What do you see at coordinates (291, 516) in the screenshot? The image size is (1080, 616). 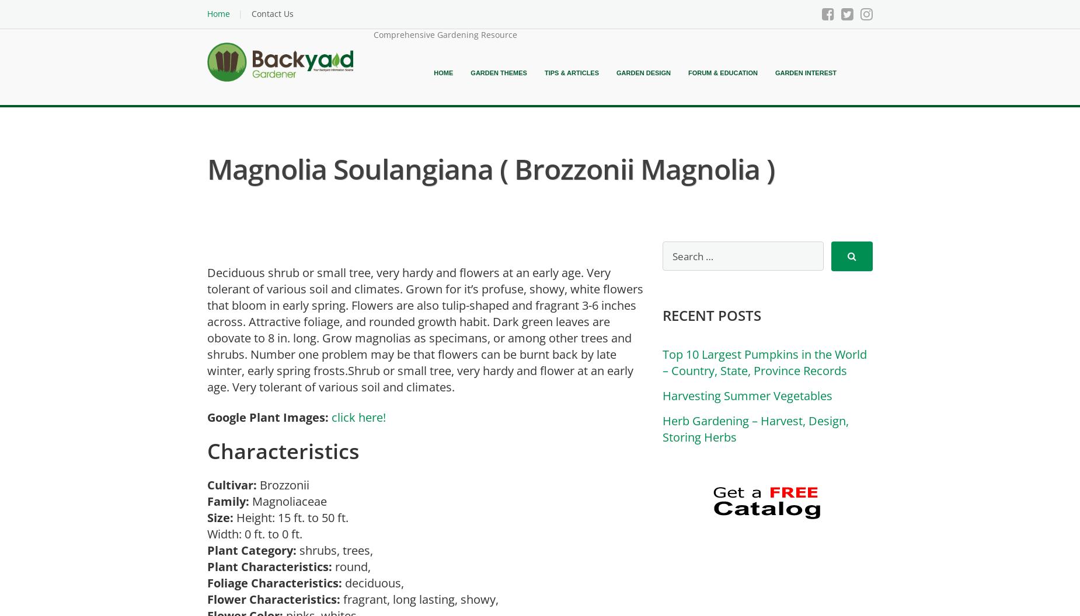 I see `'Height: 15 ft. to 50 ft.'` at bounding box center [291, 516].